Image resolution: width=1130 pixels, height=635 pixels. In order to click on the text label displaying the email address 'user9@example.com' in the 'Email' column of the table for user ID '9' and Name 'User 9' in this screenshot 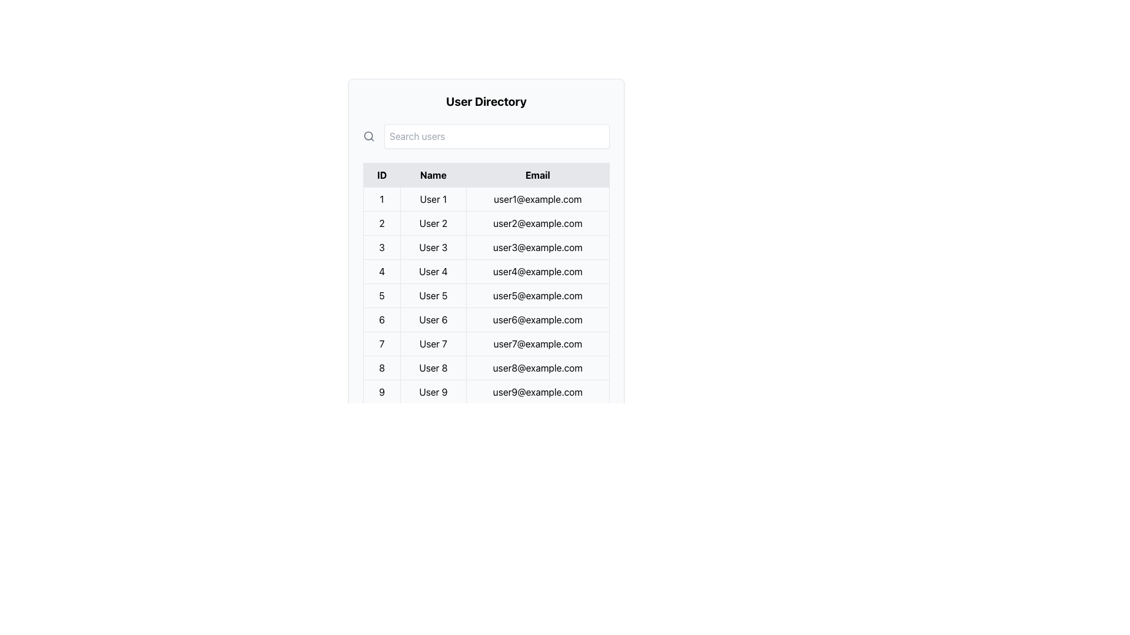, I will do `click(537, 392)`.